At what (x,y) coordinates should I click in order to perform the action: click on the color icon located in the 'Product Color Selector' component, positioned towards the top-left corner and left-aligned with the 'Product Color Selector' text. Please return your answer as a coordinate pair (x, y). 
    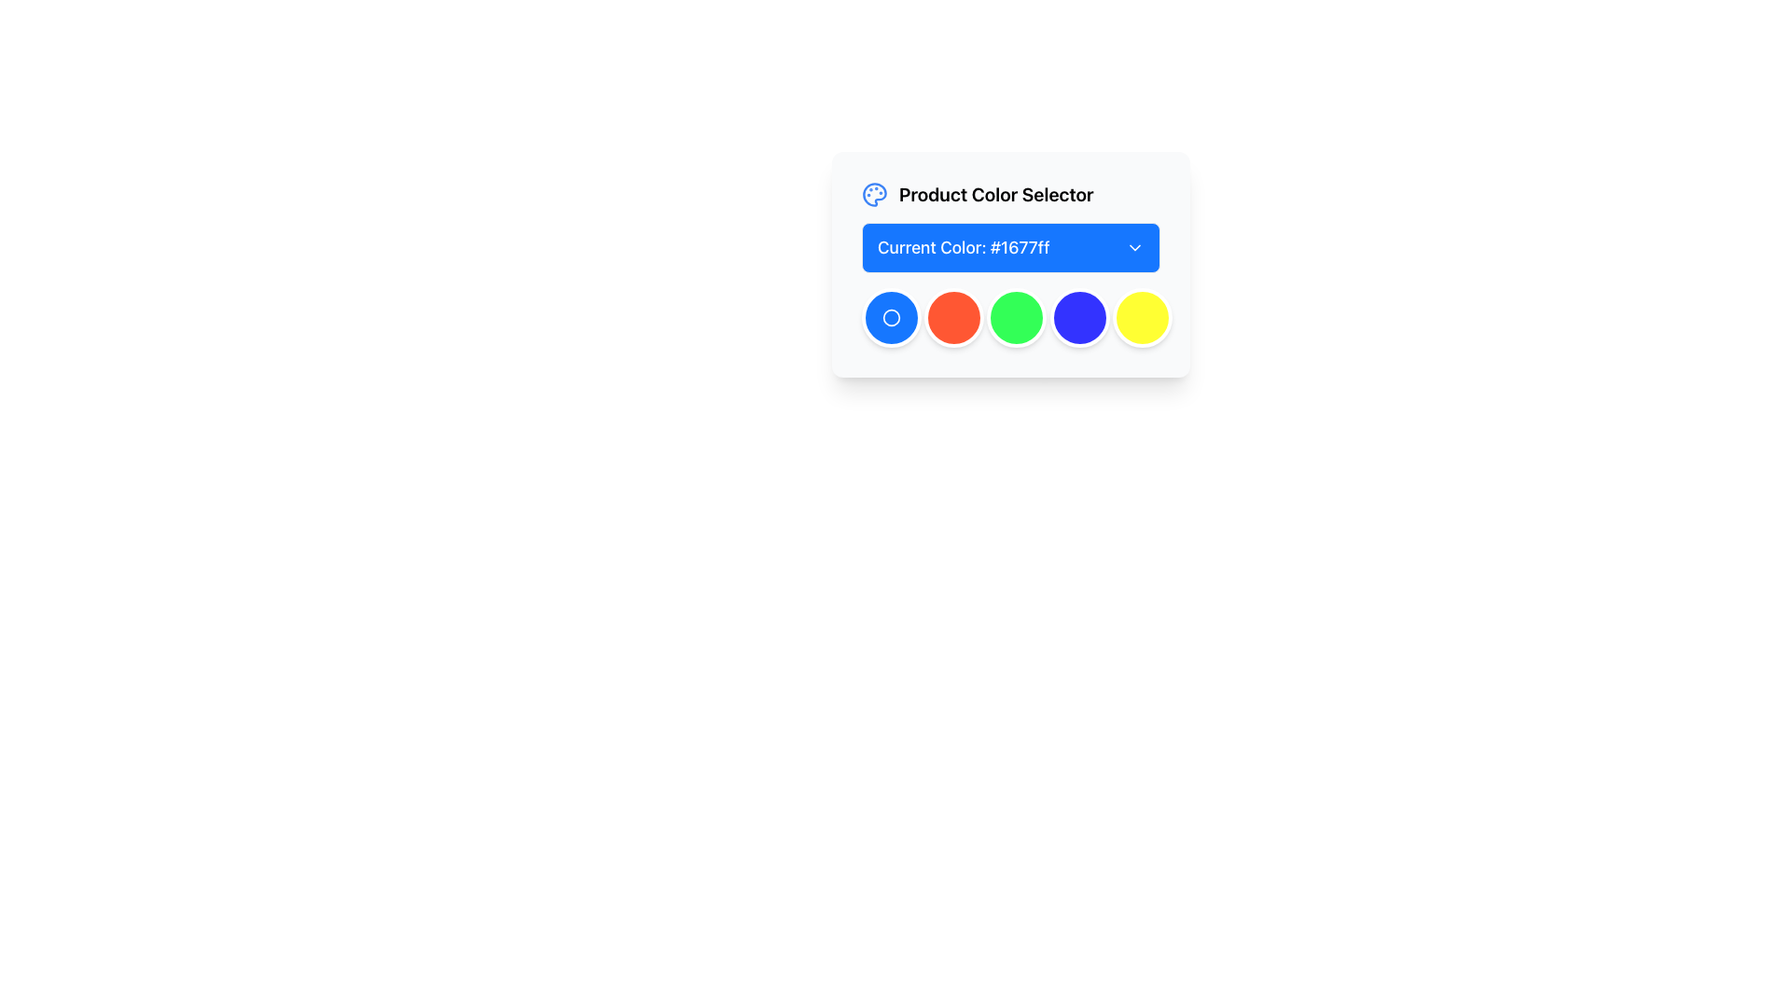
    Looking at the image, I should click on (873, 194).